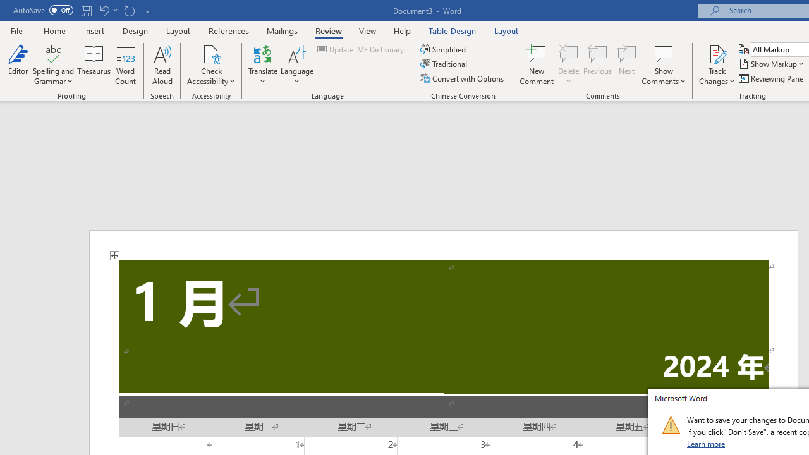 The width and height of the screenshot is (809, 455). I want to click on 'Convert with Options...', so click(462, 78).